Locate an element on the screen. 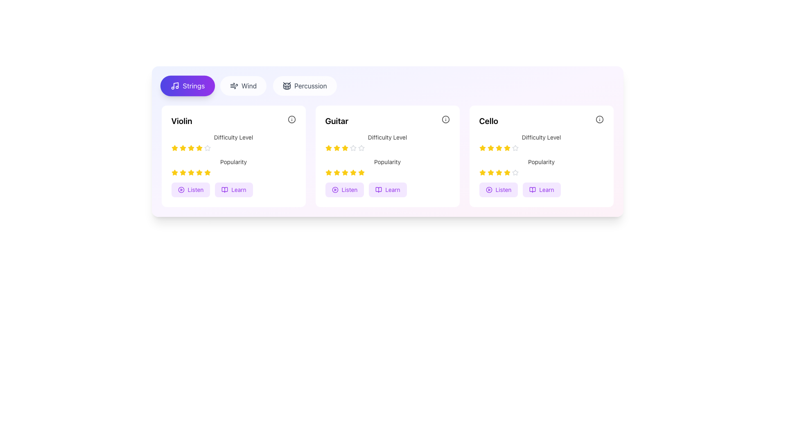 The height and width of the screenshot is (442, 786). the label of the Rating widget indicating the difficulty level of 'Cello' is located at coordinates (541, 142).